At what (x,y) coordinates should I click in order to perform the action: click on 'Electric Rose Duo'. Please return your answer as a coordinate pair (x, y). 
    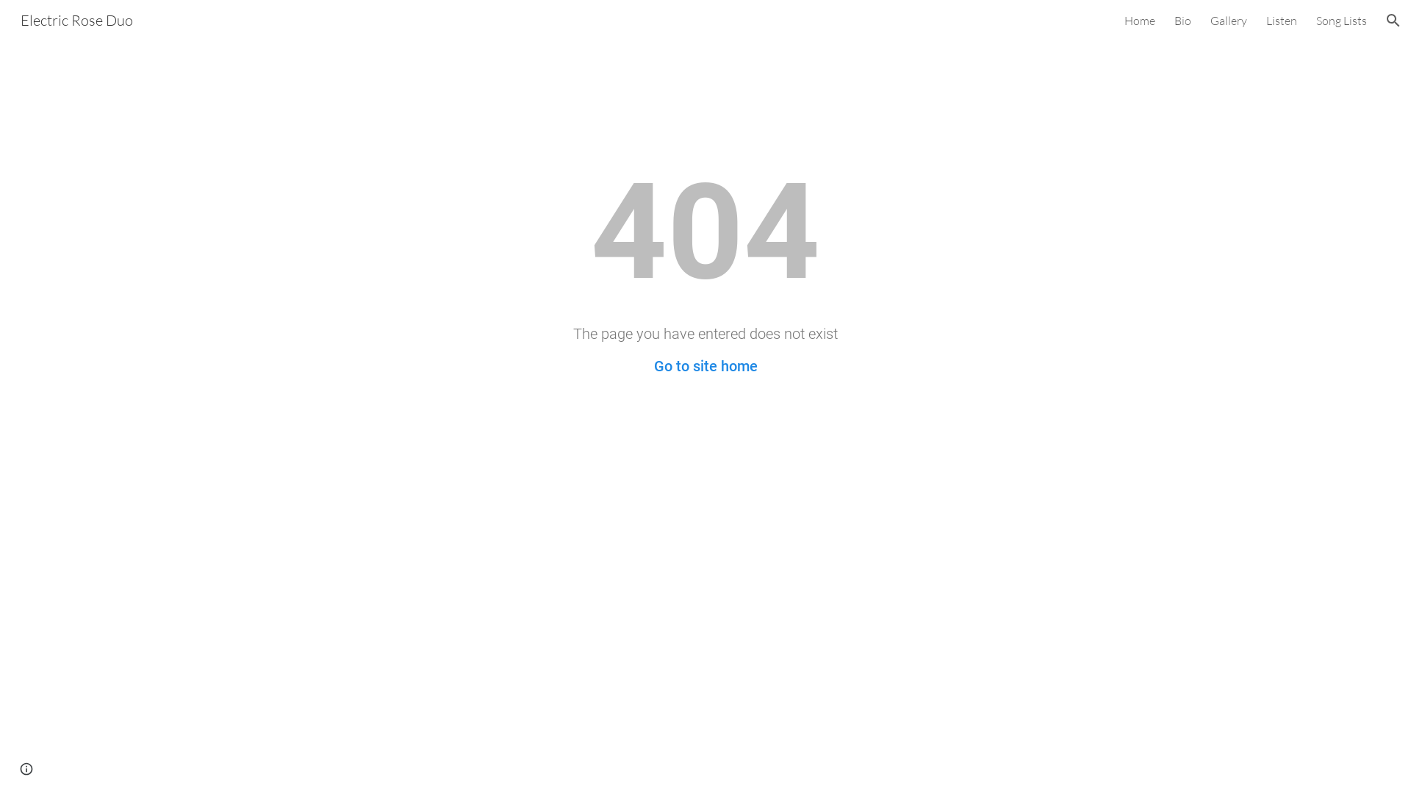
    Looking at the image, I should click on (11, 18).